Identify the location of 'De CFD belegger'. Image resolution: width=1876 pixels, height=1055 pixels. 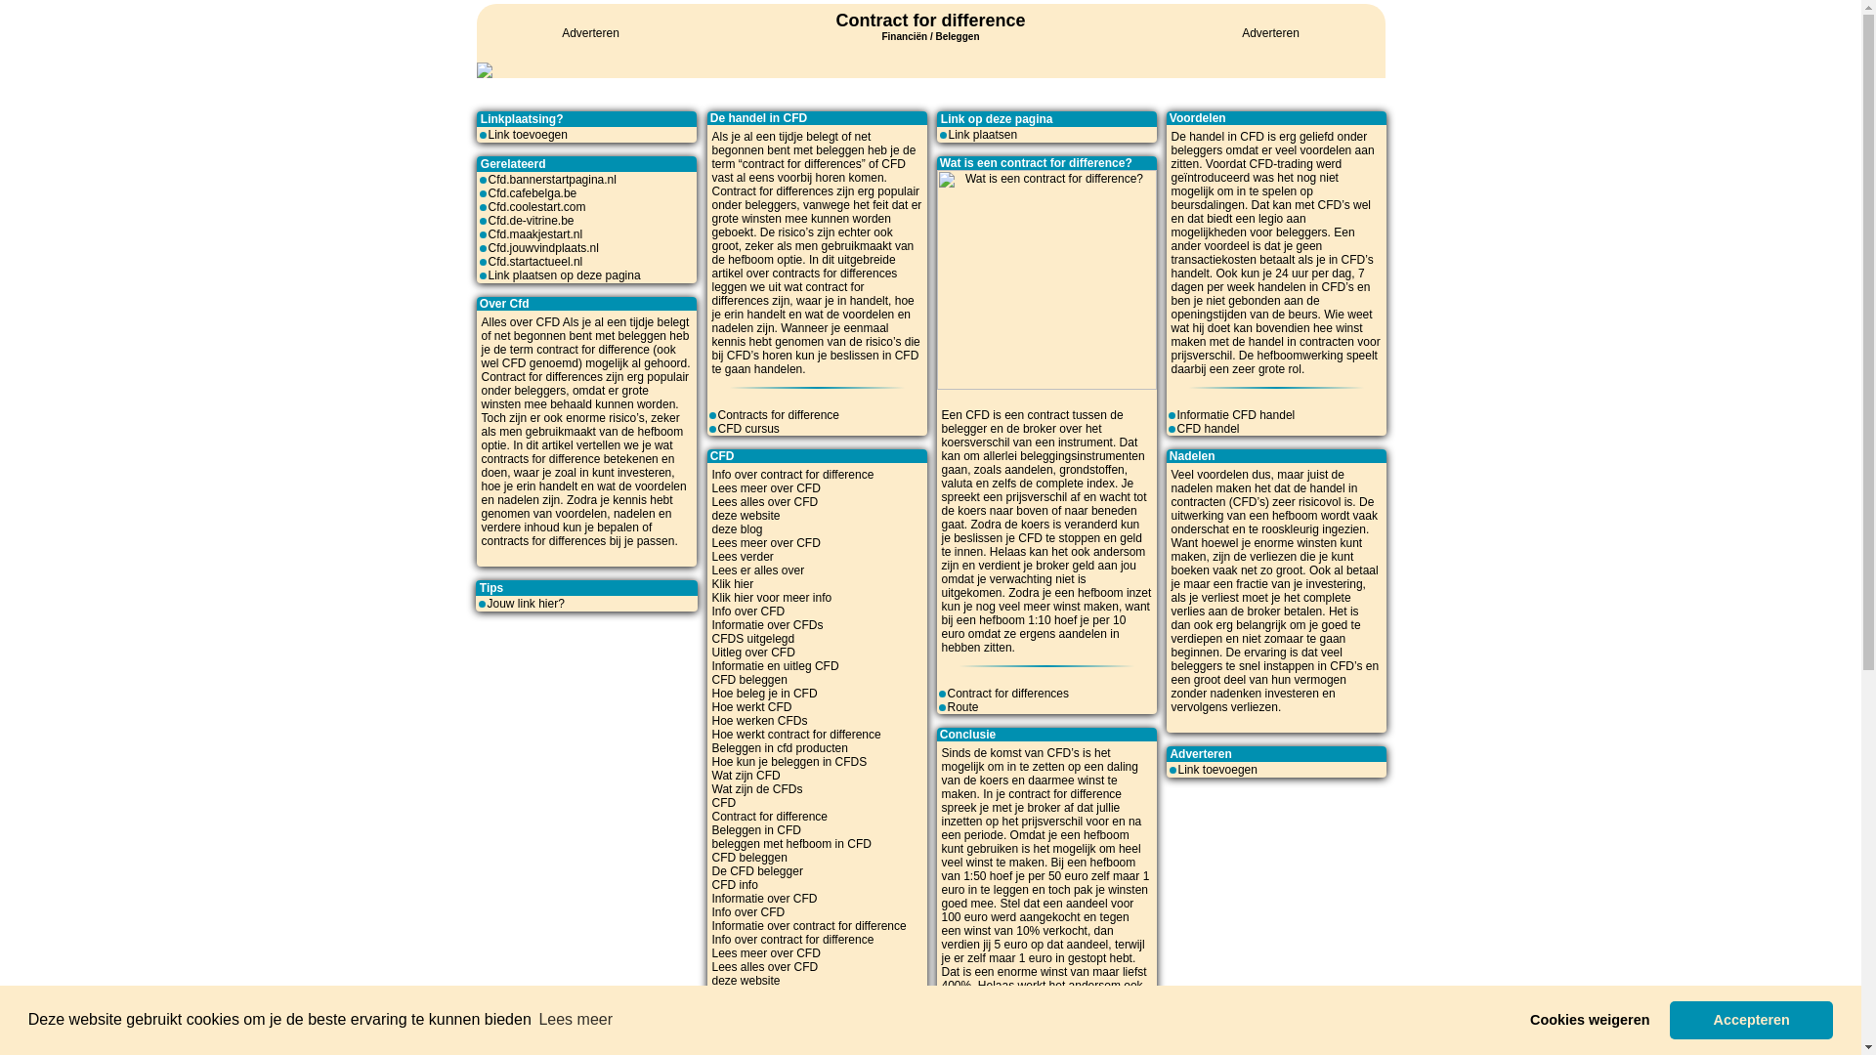
(755, 869).